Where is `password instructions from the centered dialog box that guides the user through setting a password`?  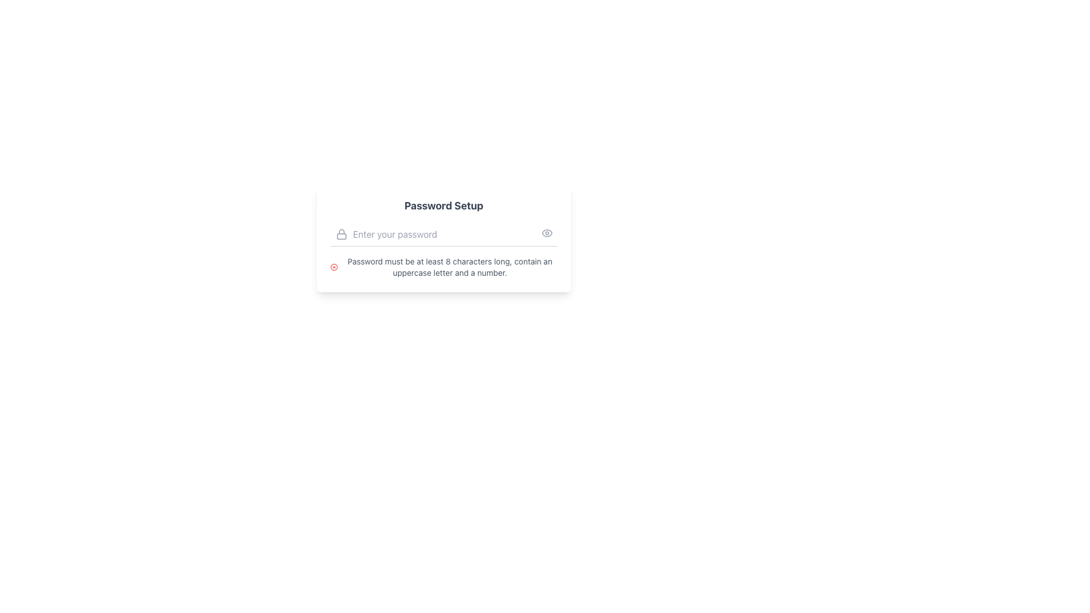 password instructions from the centered dialog box that guides the user through setting a password is located at coordinates (443, 261).